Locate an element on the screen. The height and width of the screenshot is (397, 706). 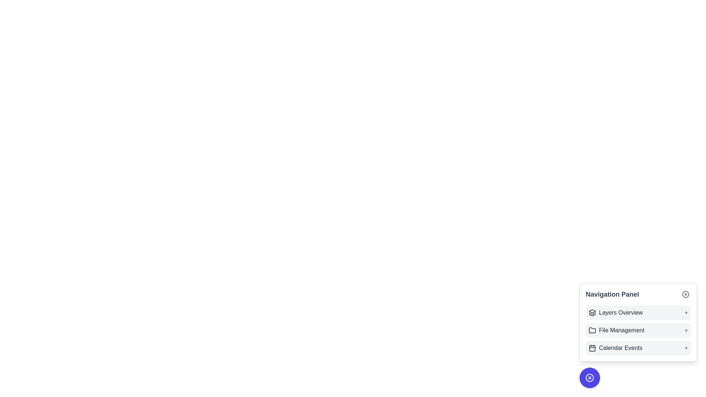
the 'File Management' menu item located is located at coordinates (638, 330).